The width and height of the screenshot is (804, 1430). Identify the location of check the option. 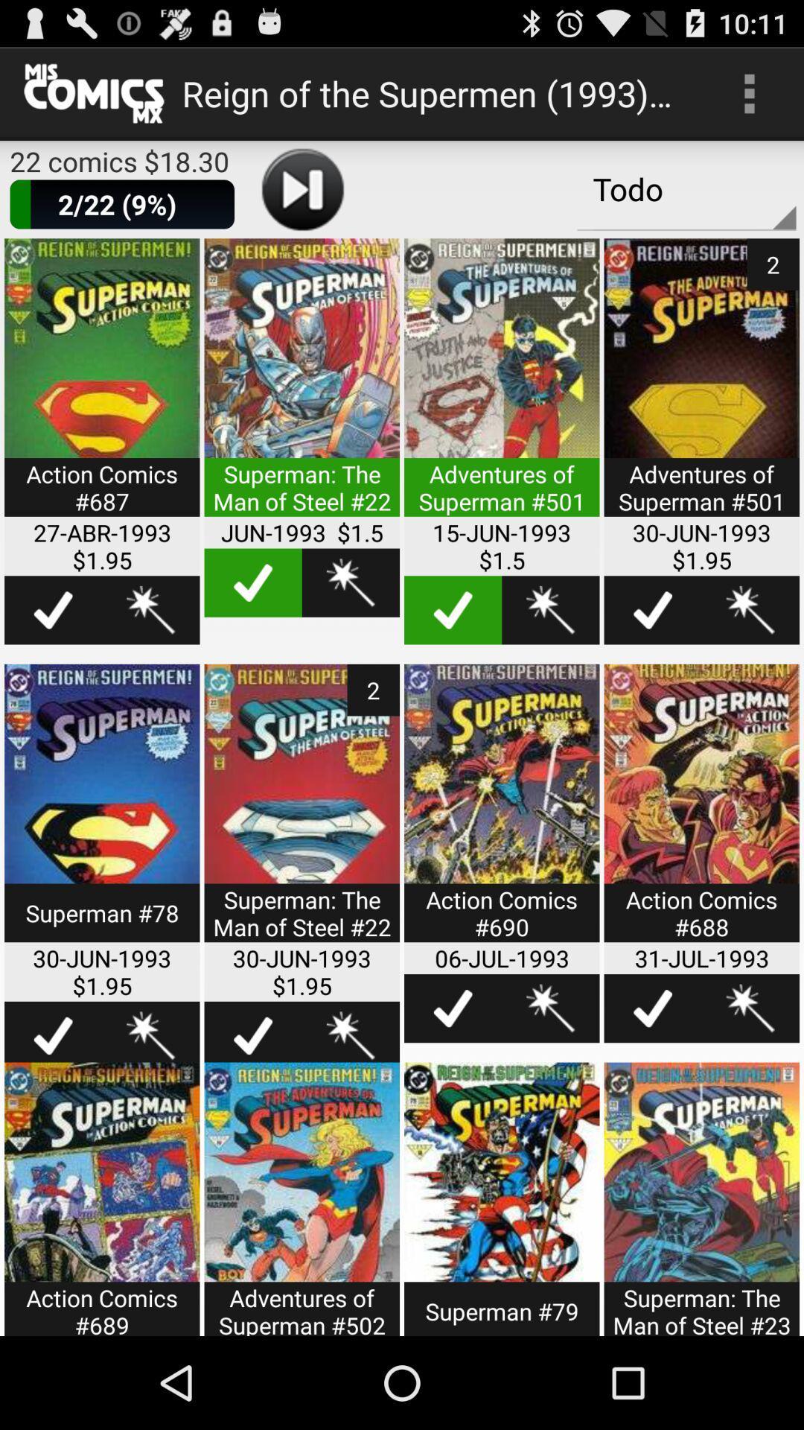
(252, 582).